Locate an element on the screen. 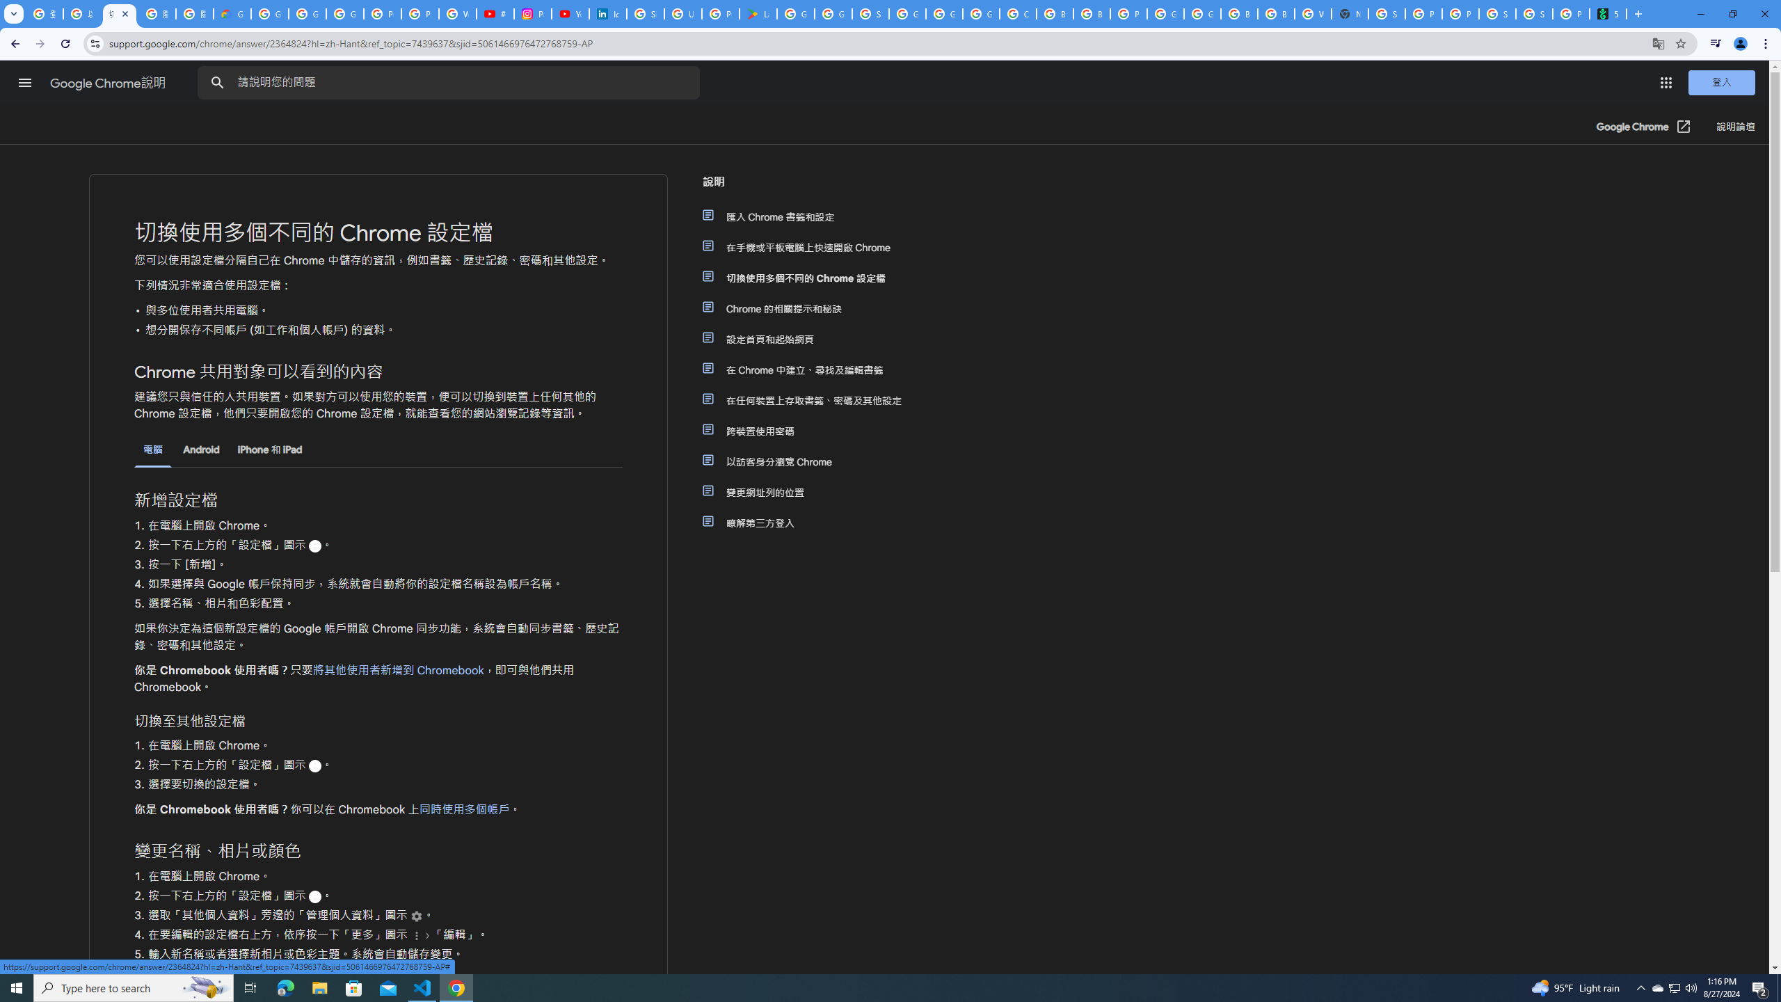  'YouTube Culture & Trends - On The Rise: Handcam Videos' is located at coordinates (570, 13).